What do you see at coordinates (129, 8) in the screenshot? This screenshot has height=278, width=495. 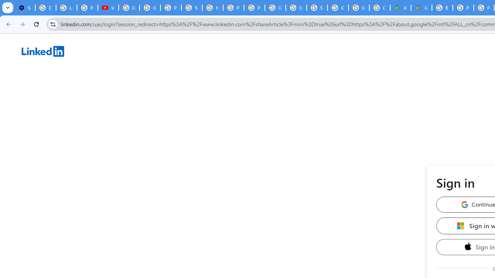 I see `'Google Account Help'` at bounding box center [129, 8].